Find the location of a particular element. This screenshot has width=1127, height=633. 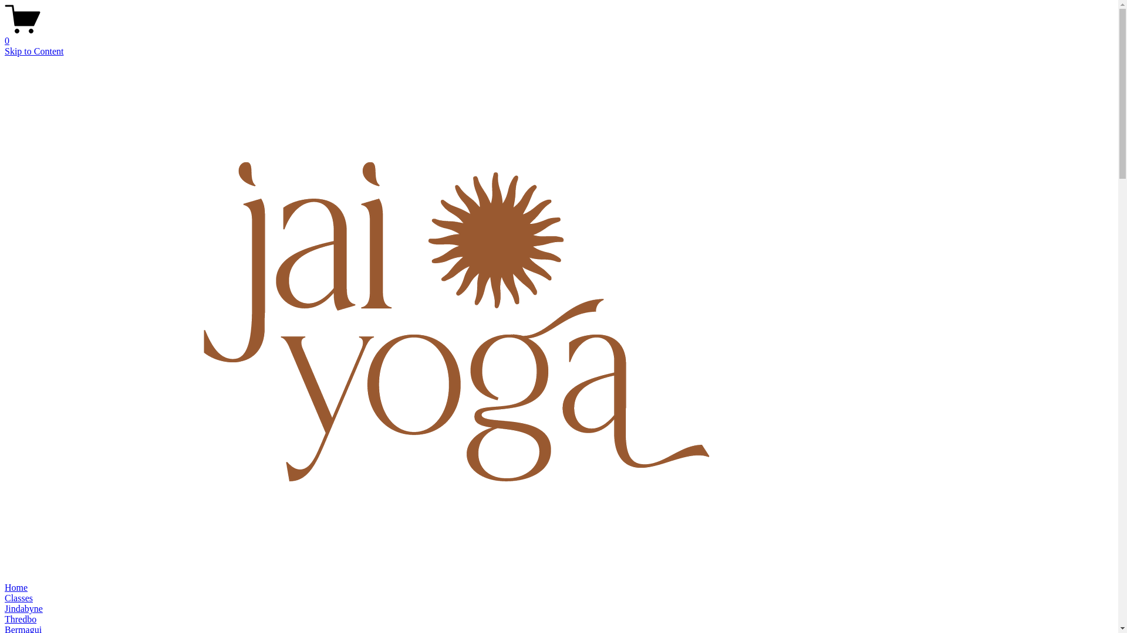

'Classes' is located at coordinates (19, 598).